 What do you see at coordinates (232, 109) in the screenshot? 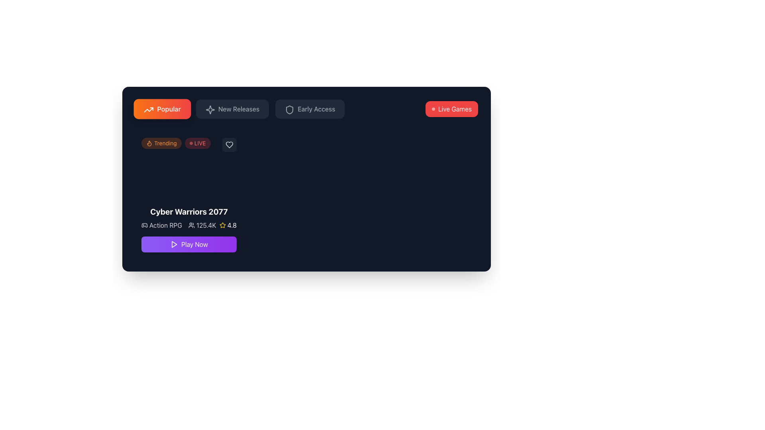
I see `the 'New Releases' button, which is a rectangular button with rounded corners, dark gray background, and a star icon to its left` at bounding box center [232, 109].